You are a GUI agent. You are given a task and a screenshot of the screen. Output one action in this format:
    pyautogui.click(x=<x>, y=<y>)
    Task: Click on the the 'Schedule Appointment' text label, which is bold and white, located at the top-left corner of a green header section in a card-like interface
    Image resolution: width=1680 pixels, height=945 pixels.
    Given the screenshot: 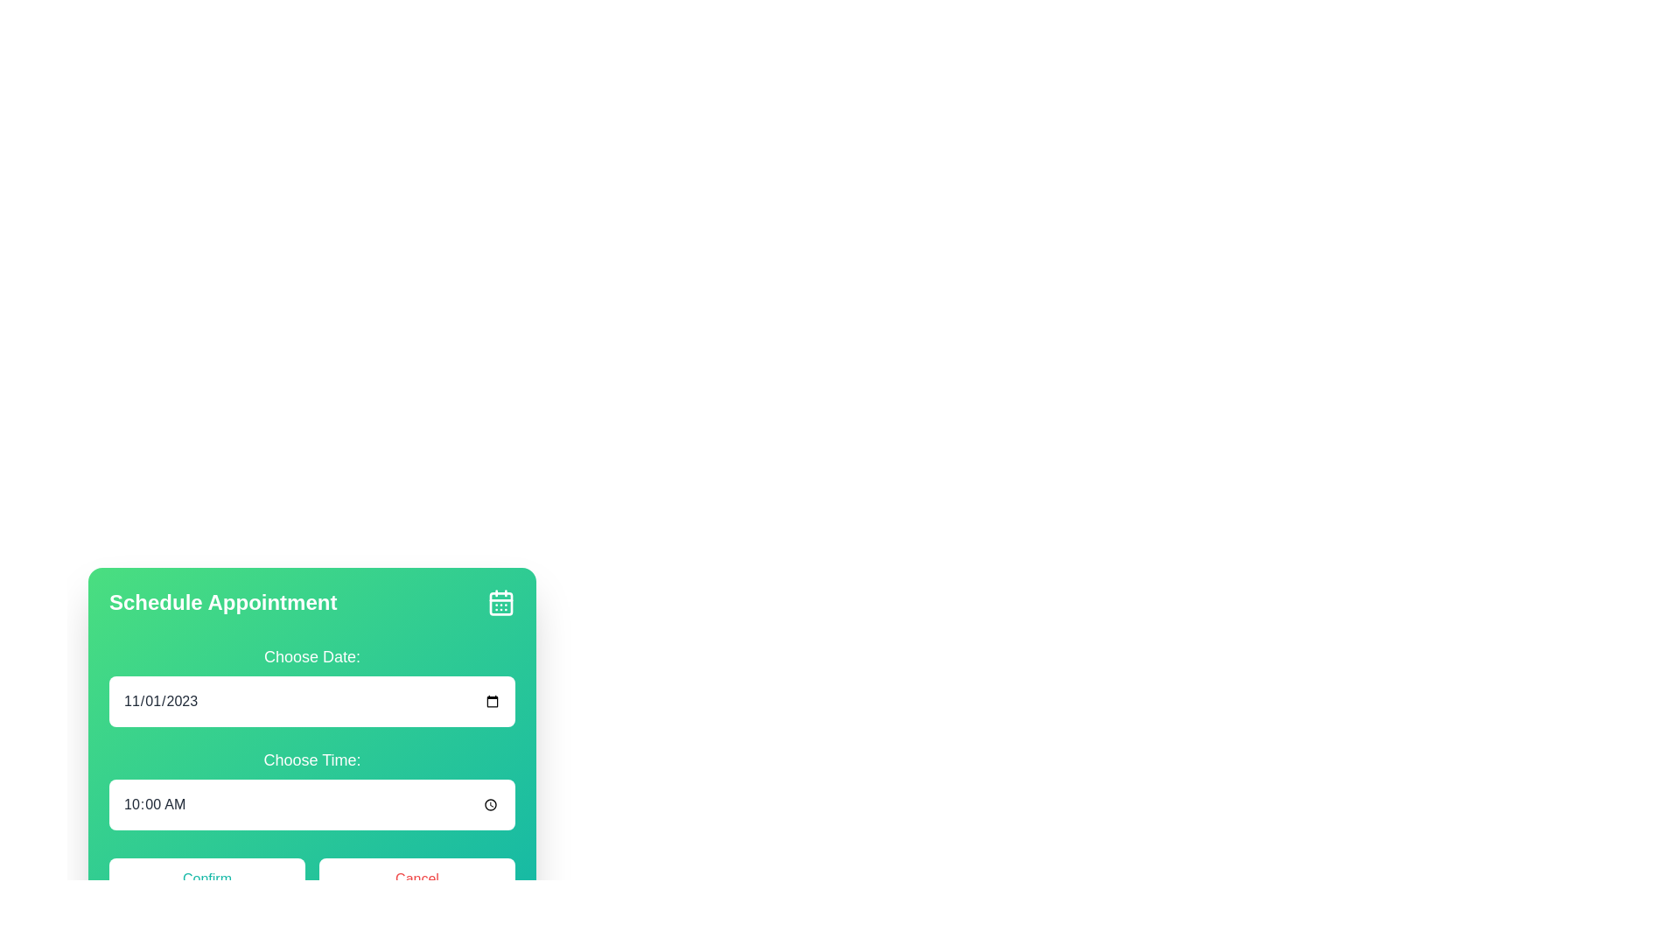 What is the action you would take?
    pyautogui.click(x=222, y=602)
    